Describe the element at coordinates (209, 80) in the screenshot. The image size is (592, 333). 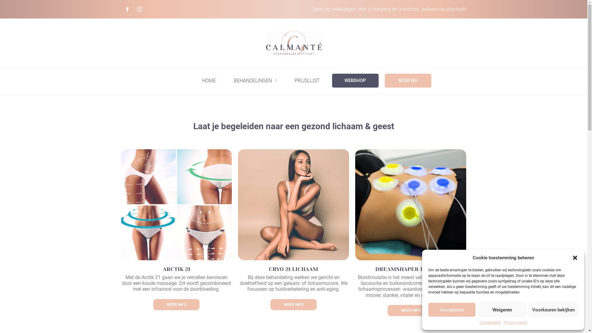
I see `'HOME'` at that location.